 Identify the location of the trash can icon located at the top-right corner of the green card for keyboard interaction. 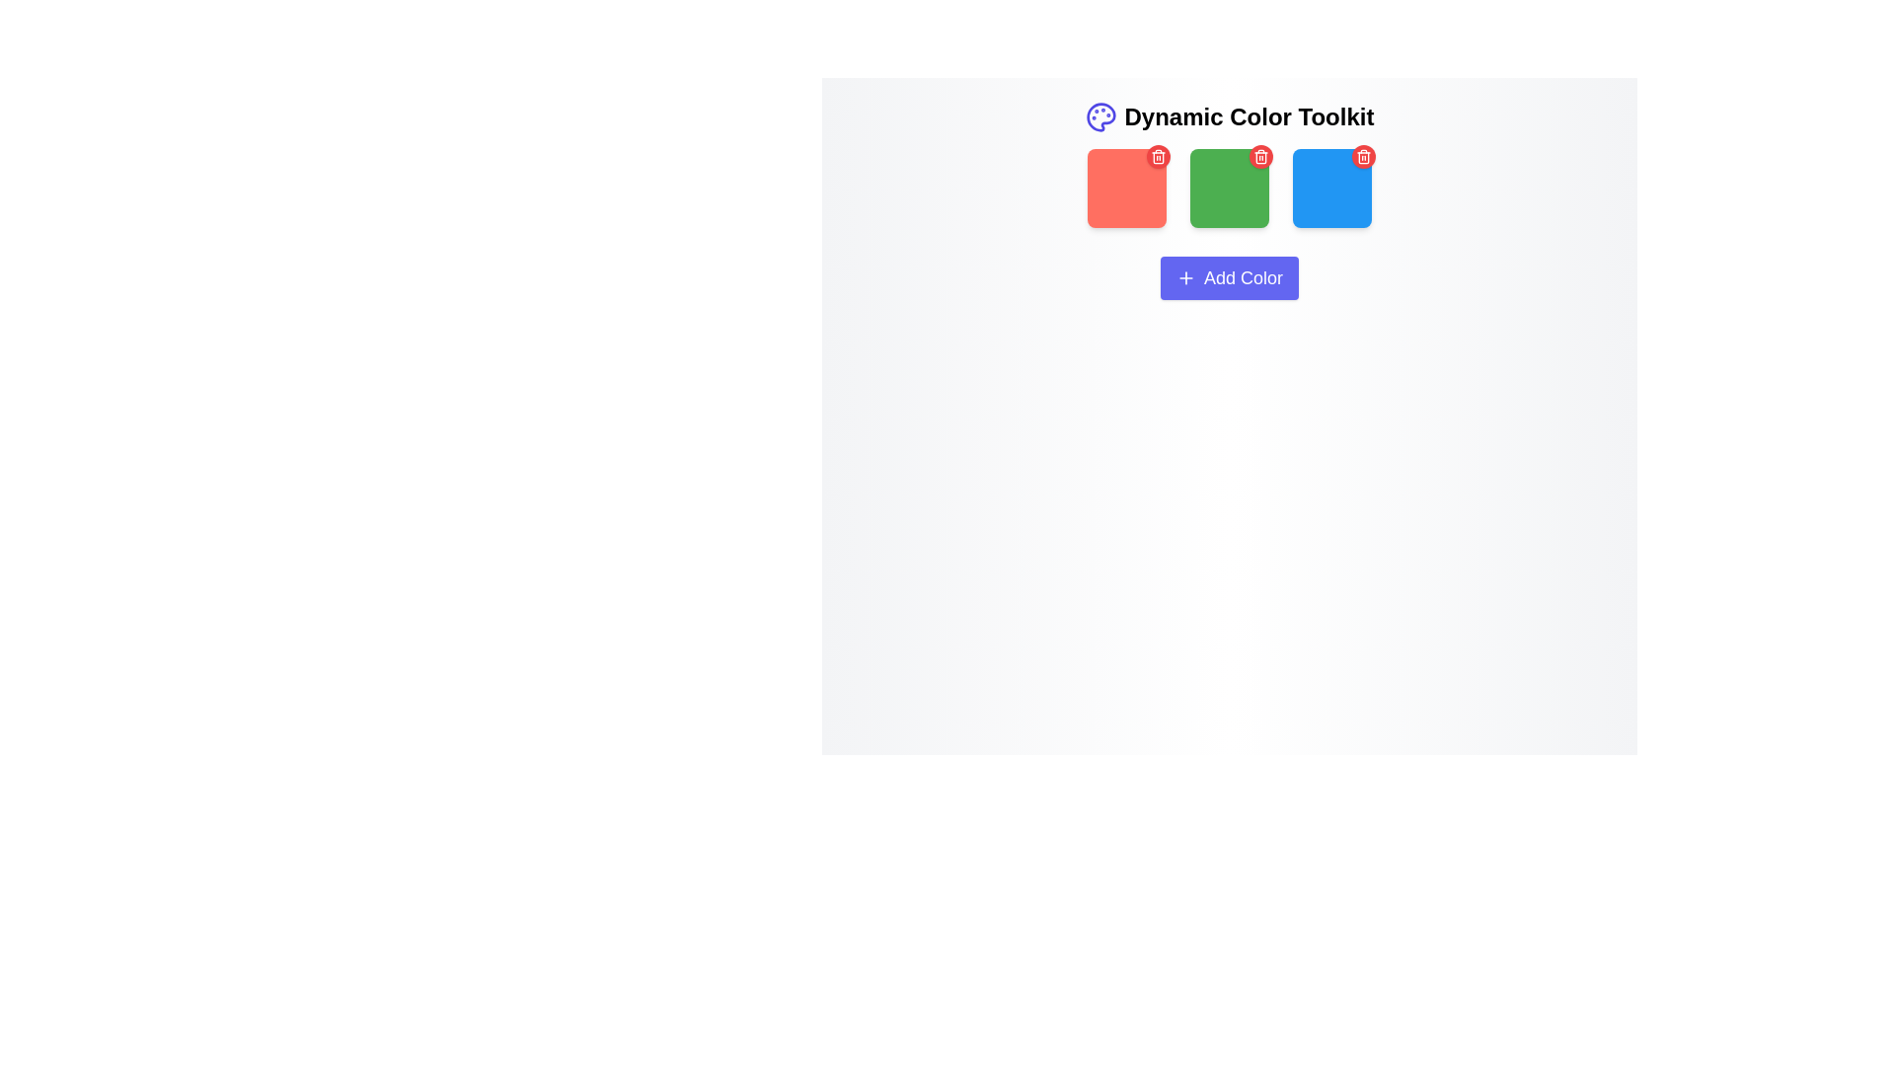
(1363, 155).